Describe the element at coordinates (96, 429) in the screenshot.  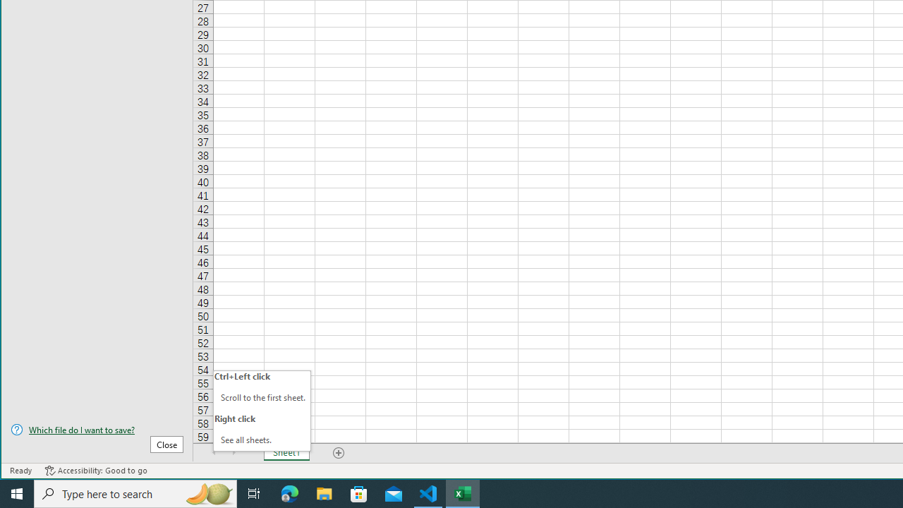
I see `'Which file do I want to save?'` at that location.